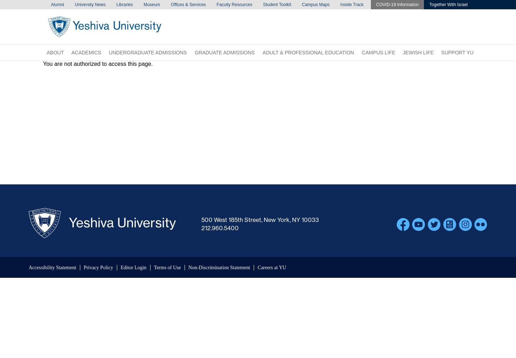 The width and height of the screenshot is (516, 358). Describe the element at coordinates (457, 53) in the screenshot. I see `'Support YU'` at that location.